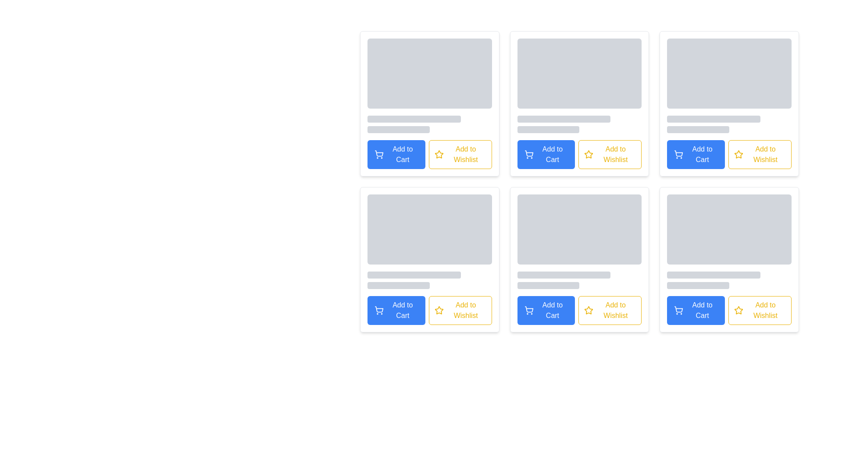  What do you see at coordinates (439, 154) in the screenshot?
I see `the star icon representing the 'Add to Wishlist' functionality in the button of the first product card in the second row of the grid layout` at bounding box center [439, 154].